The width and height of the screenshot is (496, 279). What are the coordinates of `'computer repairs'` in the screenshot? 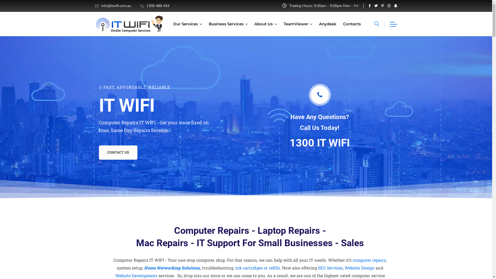 It's located at (352, 260).